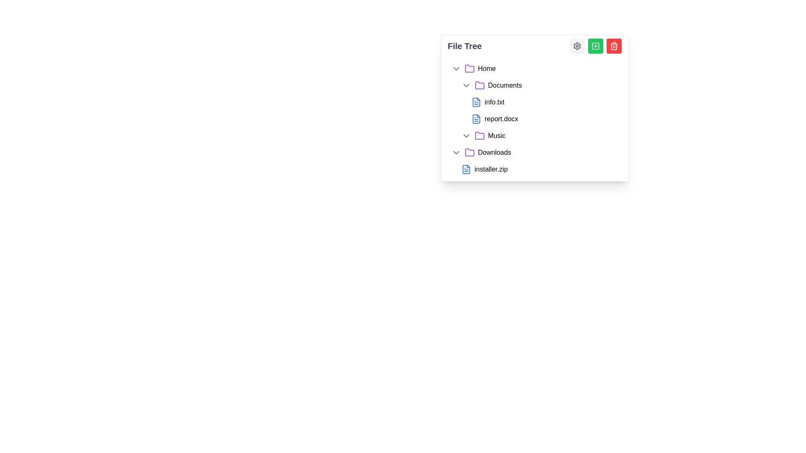 The image size is (806, 453). What do you see at coordinates (544, 119) in the screenshot?
I see `to select the file named 'report.docx' in the file tree located under the 'Documents' folder, following 'info.txt'` at bounding box center [544, 119].